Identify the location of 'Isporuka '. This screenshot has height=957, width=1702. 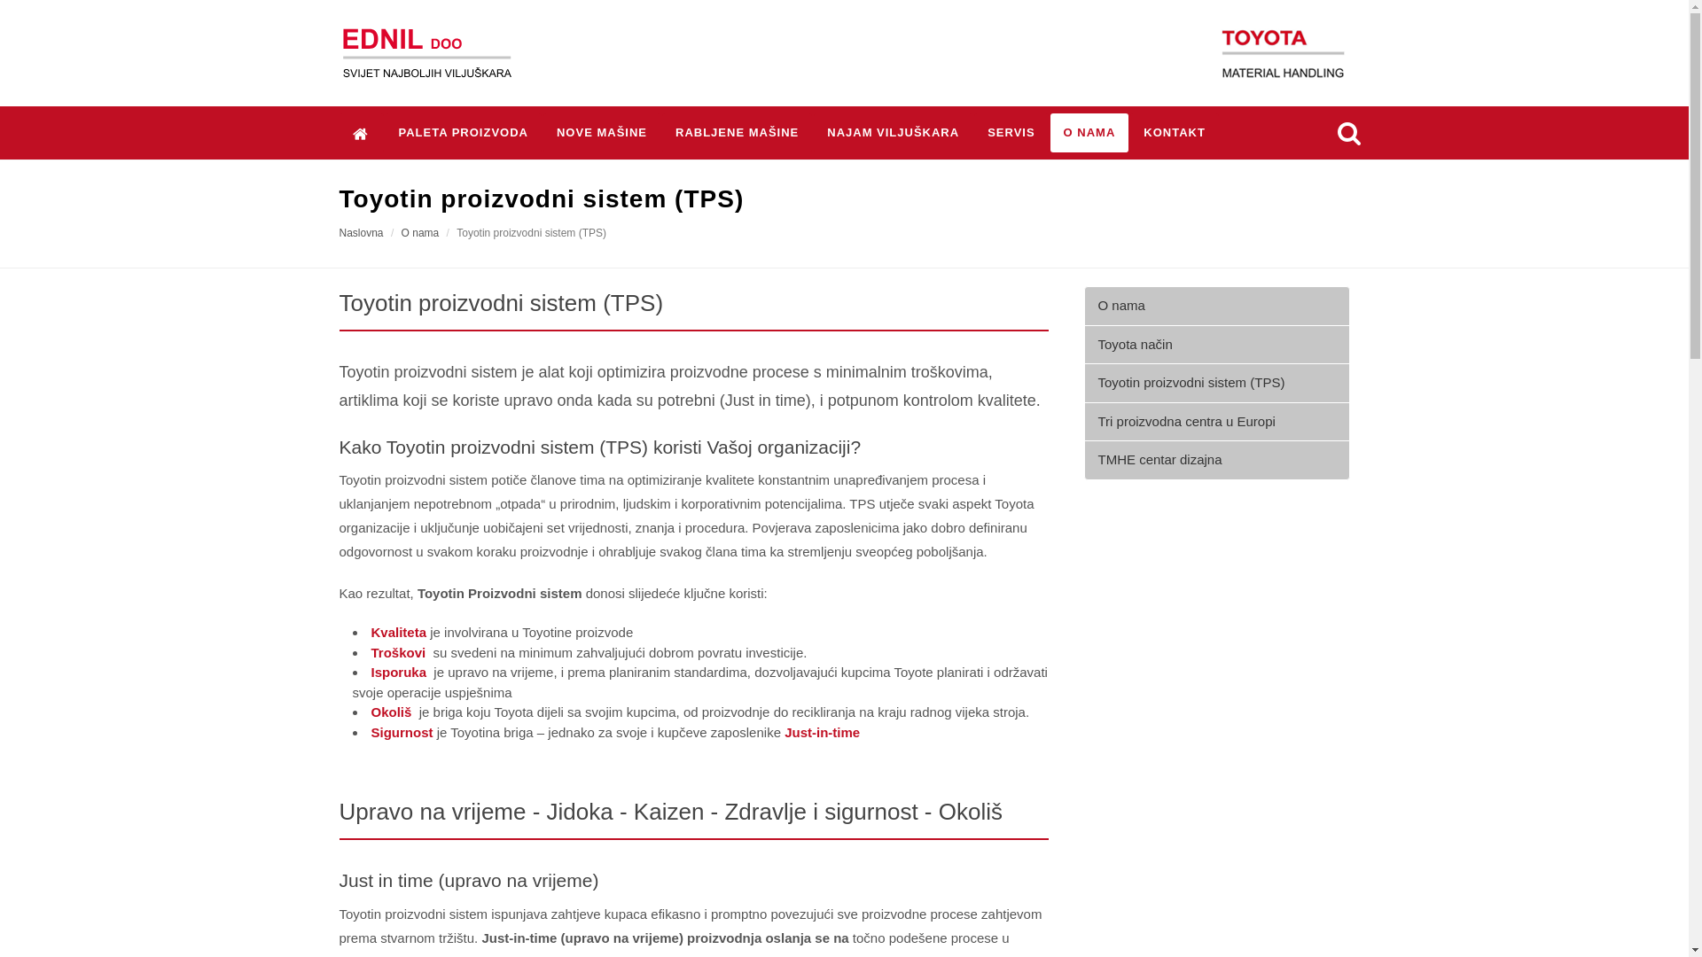
(399, 672).